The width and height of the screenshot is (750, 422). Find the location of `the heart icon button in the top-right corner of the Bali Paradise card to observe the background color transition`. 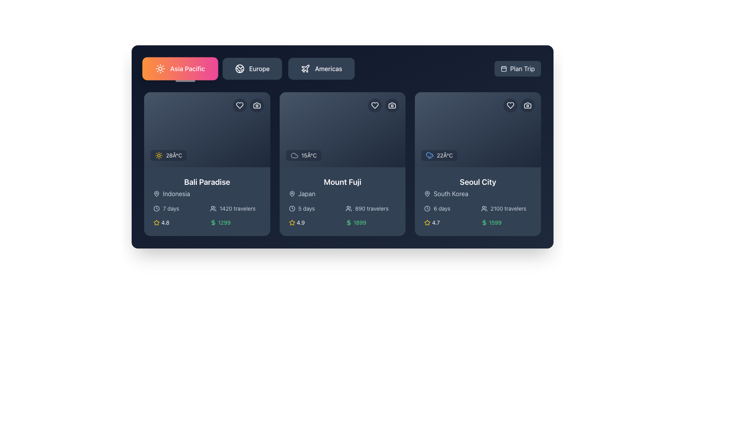

the heart icon button in the top-right corner of the Bali Paradise card to observe the background color transition is located at coordinates (239, 105).